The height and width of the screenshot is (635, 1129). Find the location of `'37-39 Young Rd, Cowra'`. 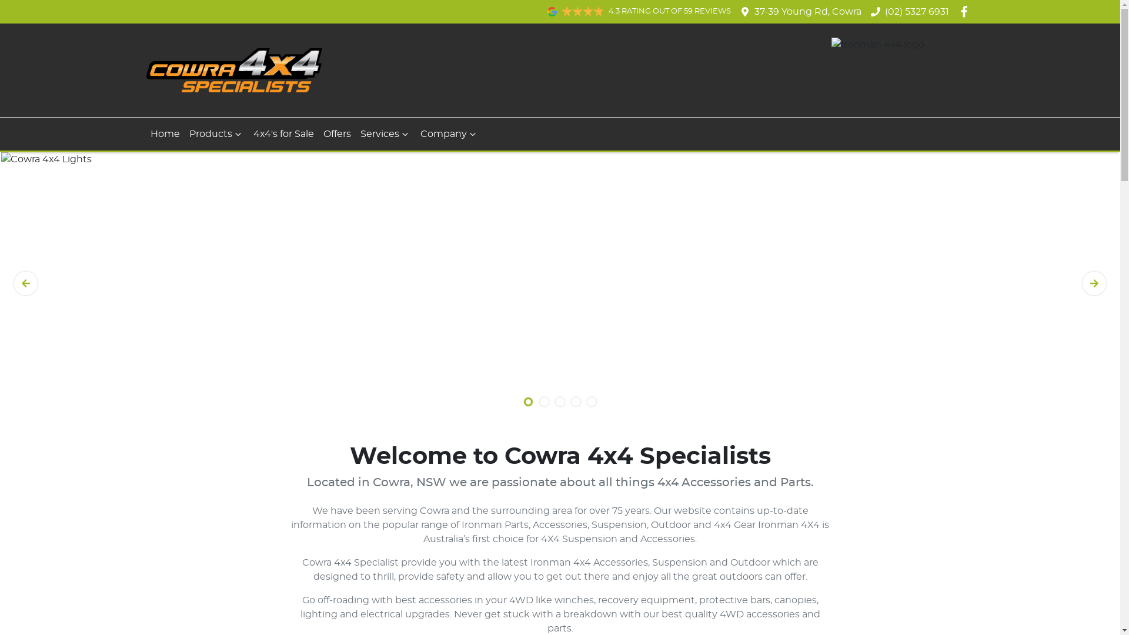

'37-39 Young Rd, Cowra' is located at coordinates (807, 11).